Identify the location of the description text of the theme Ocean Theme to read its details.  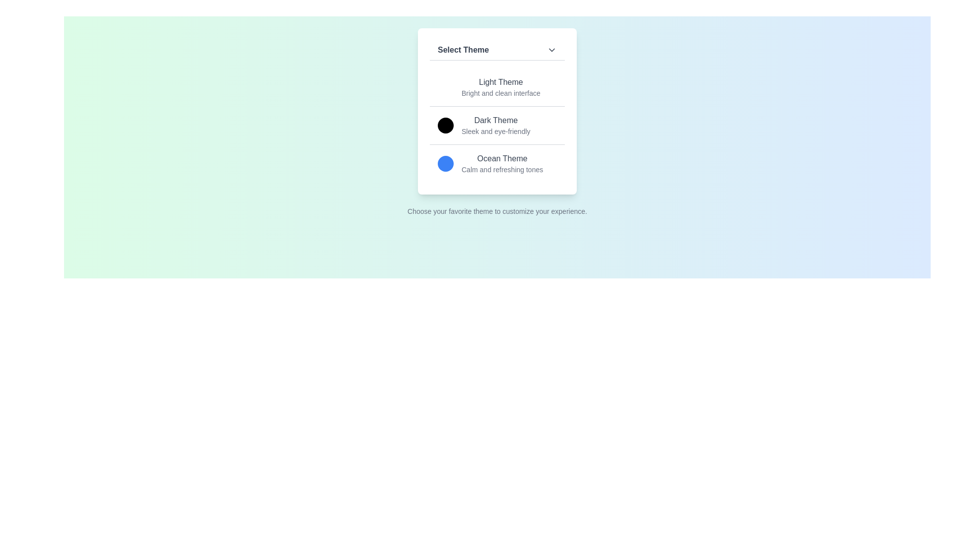
(502, 169).